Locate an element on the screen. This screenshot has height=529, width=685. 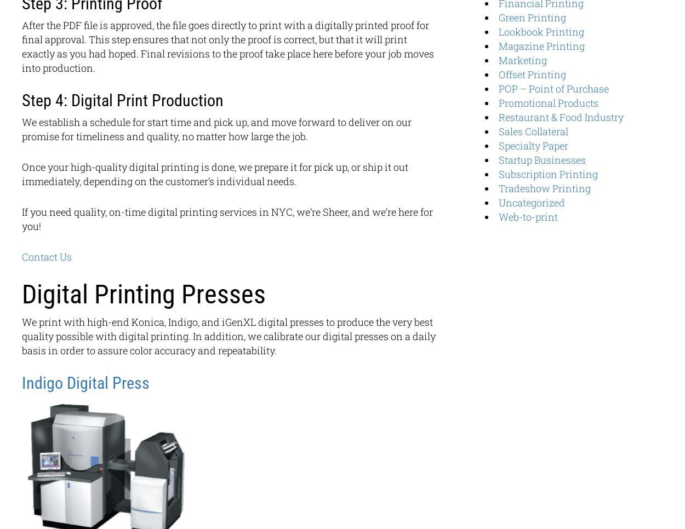
'Web-to-print' is located at coordinates (528, 216).